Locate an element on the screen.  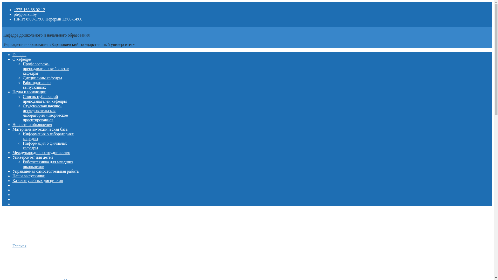
'+375 163 68 02 12' is located at coordinates (29, 10).